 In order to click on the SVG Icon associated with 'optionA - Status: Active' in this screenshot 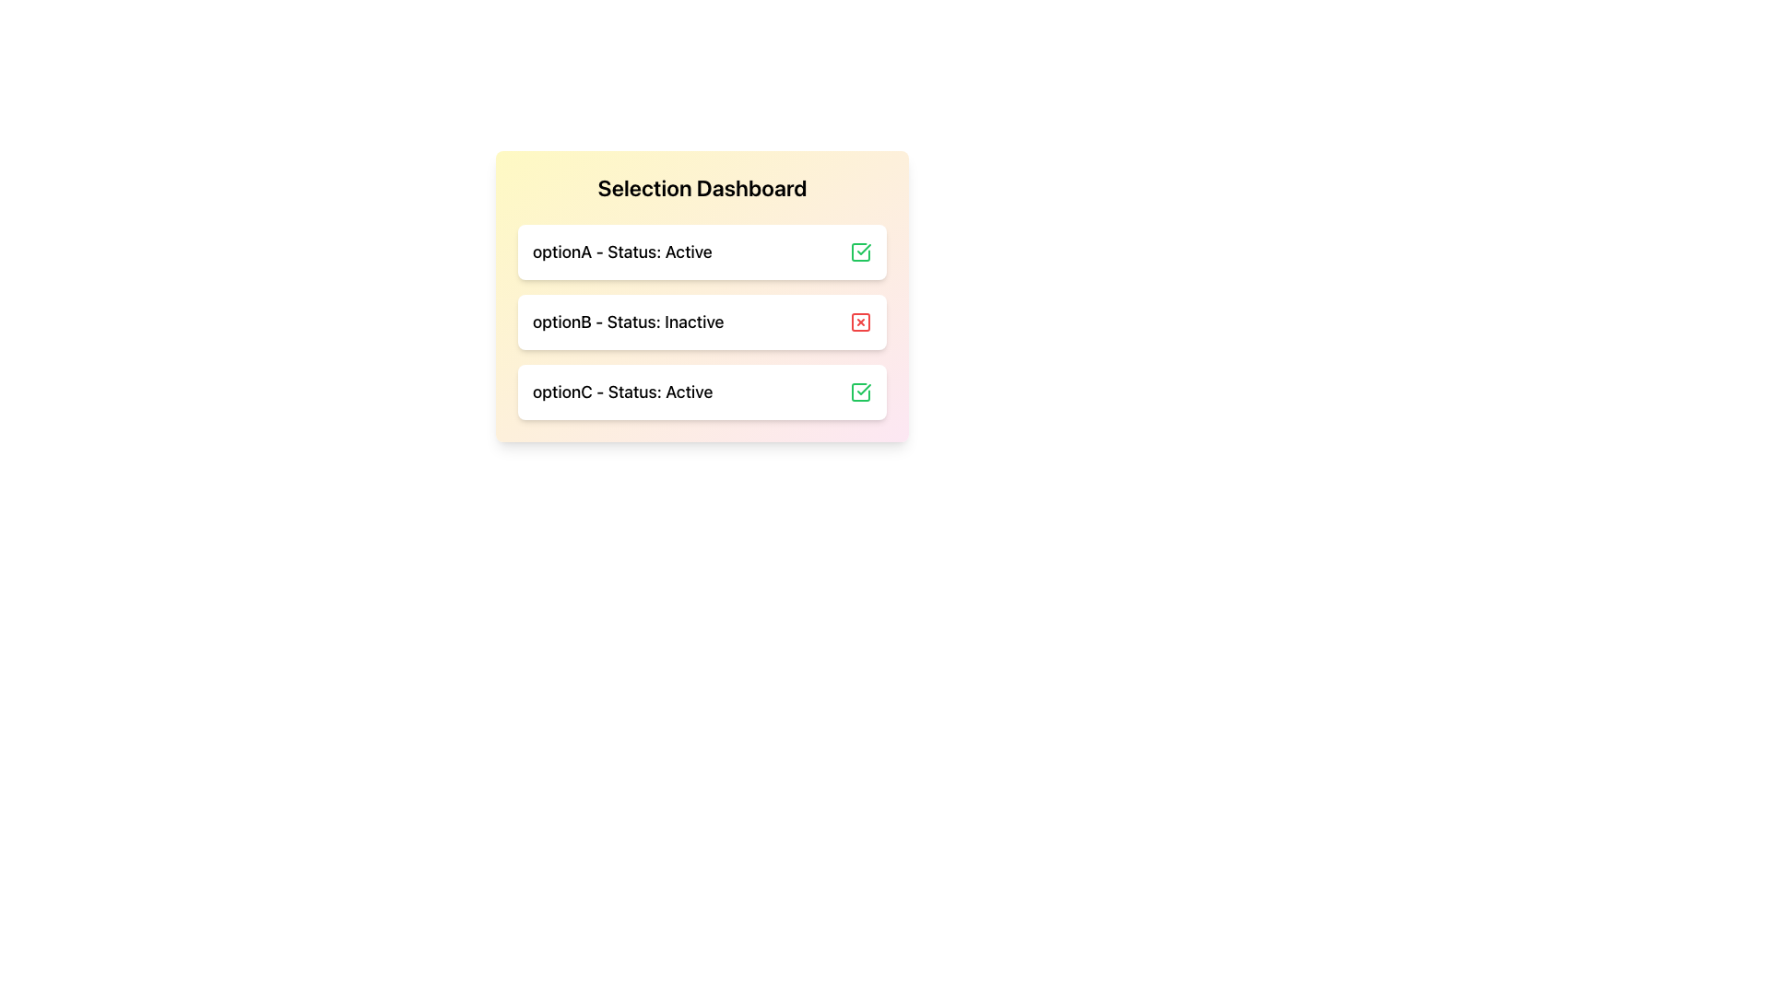, I will do `click(860, 252)`.